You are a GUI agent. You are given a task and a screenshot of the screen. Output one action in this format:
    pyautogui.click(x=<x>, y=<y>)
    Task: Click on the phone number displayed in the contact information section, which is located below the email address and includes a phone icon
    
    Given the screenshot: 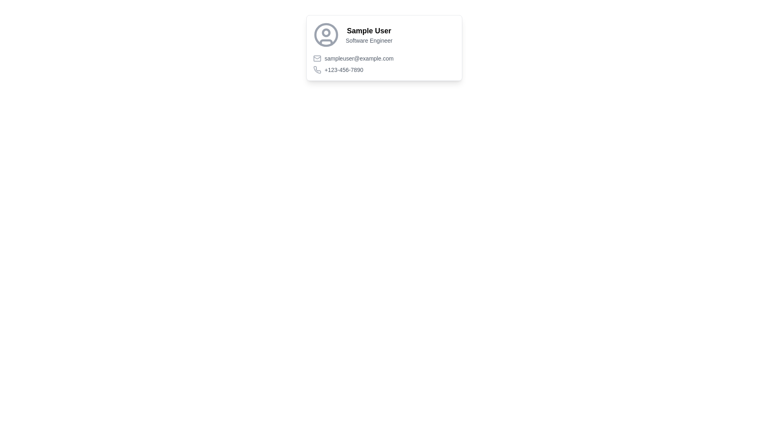 What is the action you would take?
    pyautogui.click(x=383, y=64)
    